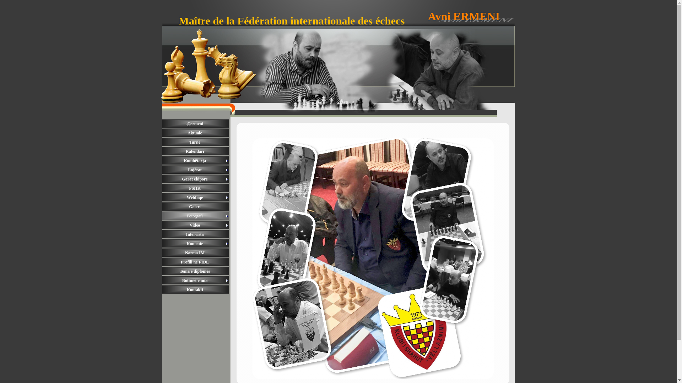 The width and height of the screenshot is (682, 383). What do you see at coordinates (196, 234) in the screenshot?
I see `'Intervista'` at bounding box center [196, 234].